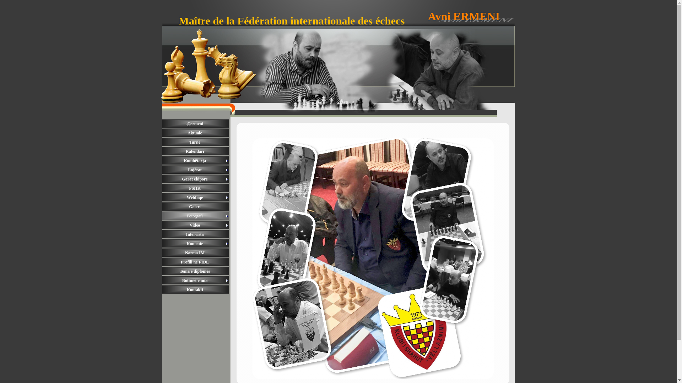 The width and height of the screenshot is (682, 383). What do you see at coordinates (196, 234) in the screenshot?
I see `'Intervista'` at bounding box center [196, 234].